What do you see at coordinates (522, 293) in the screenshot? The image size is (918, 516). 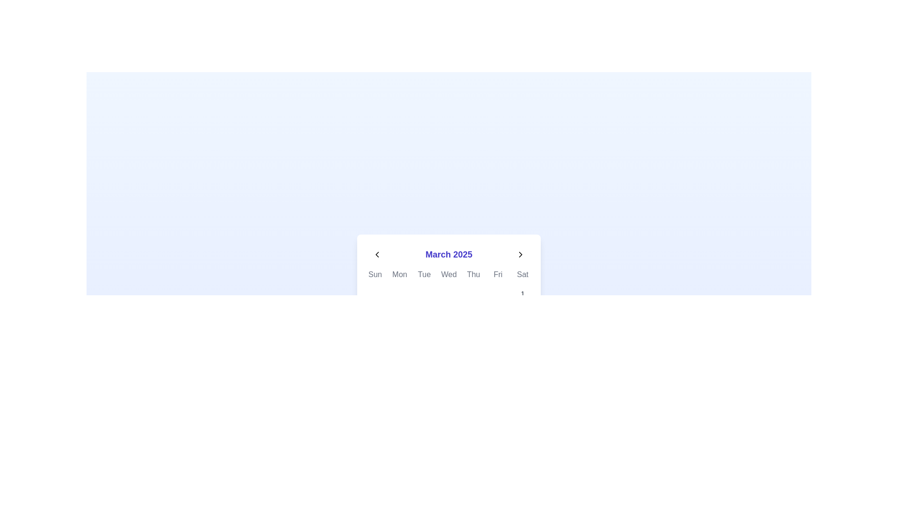 I see `the calendar day cell button that contains the number '1', which is the seventh item in the first row of the calendar grid under the 'Sat' column header` at bounding box center [522, 293].